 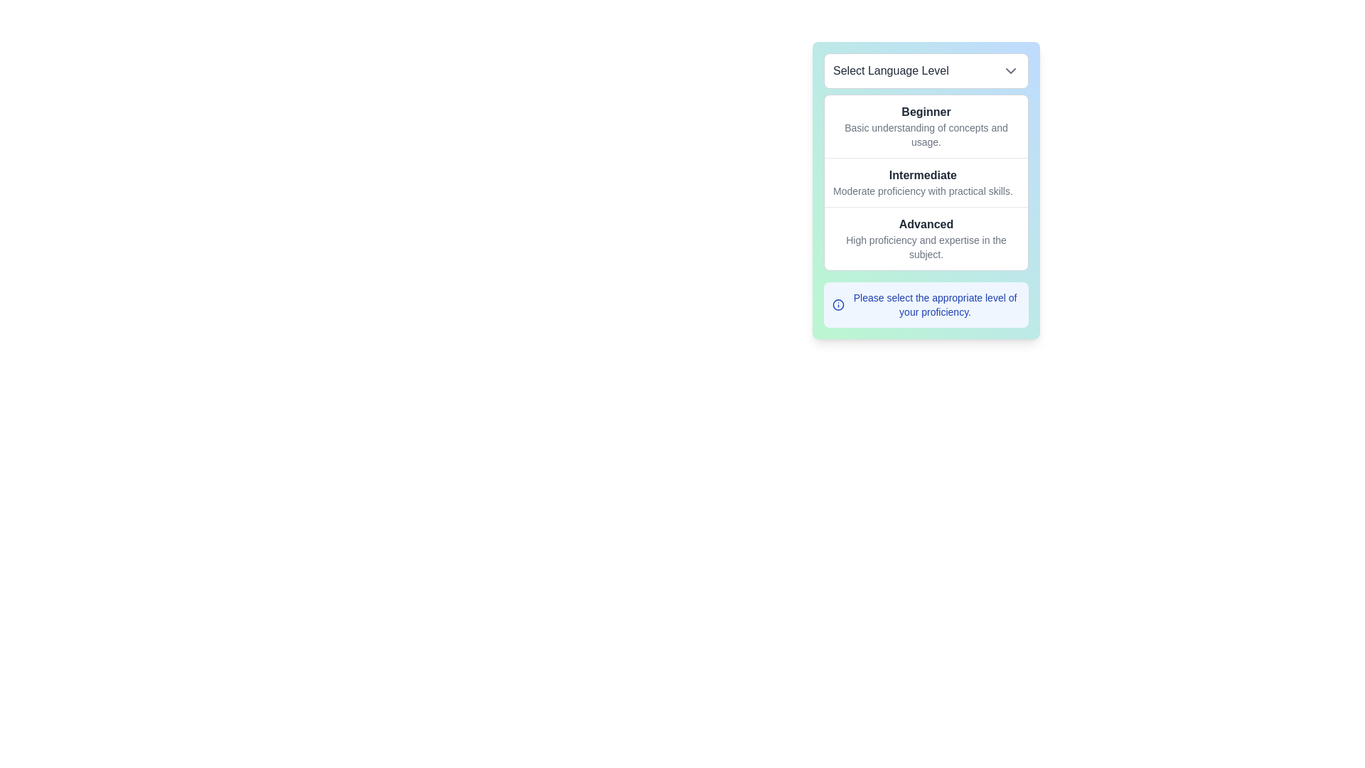 What do you see at coordinates (923, 174) in the screenshot?
I see `the static label indicating the proficiency level as 'Intermediate', which is located centrally in the language level selection module, positioned between 'Beginner' and 'Advanced'` at bounding box center [923, 174].